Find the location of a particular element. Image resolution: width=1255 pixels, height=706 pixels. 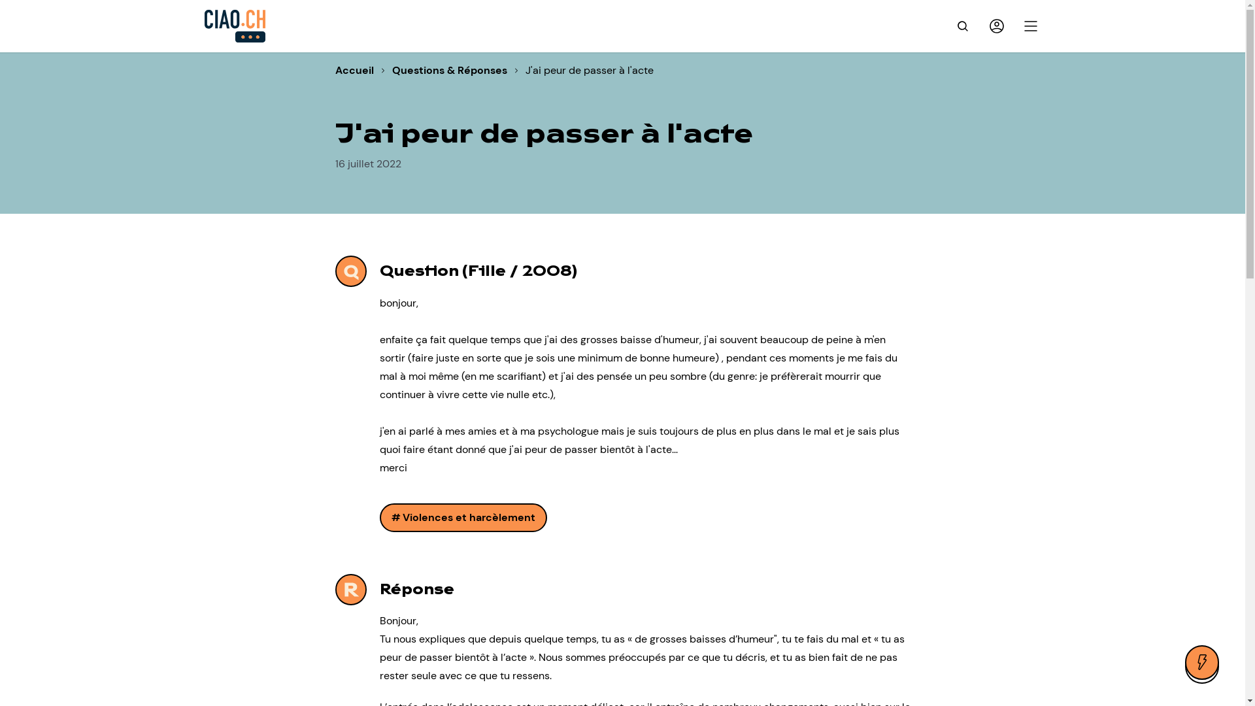

'Accueil' is located at coordinates (354, 70).